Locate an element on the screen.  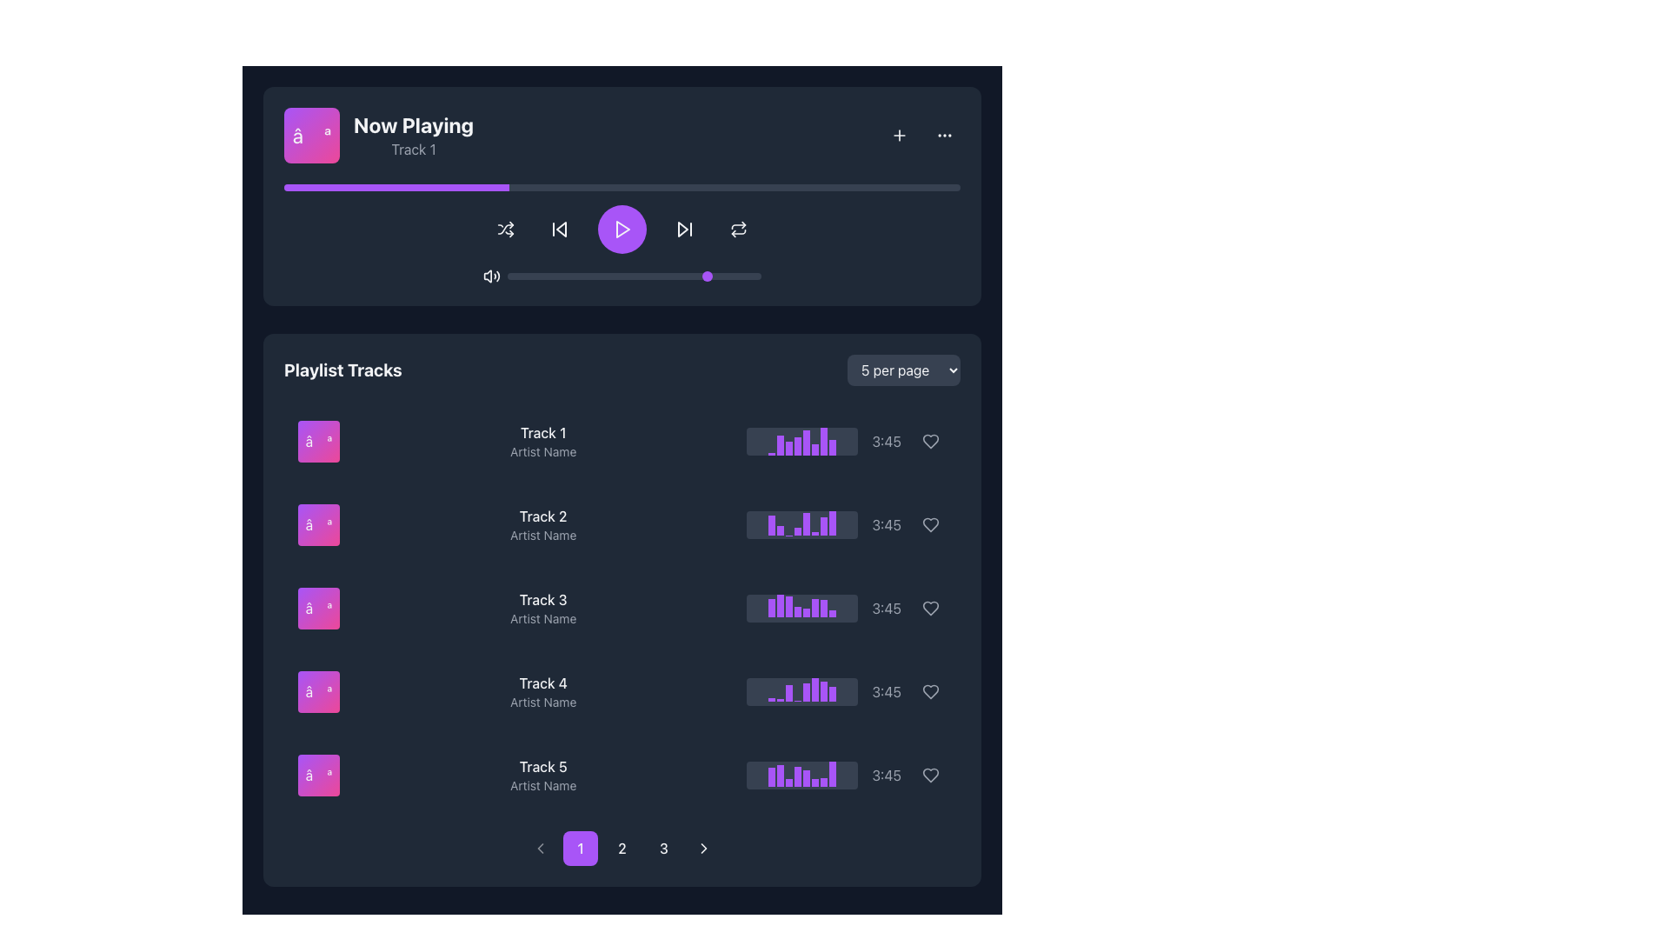
the ellipsis icon located at the top right corner of the interface is located at coordinates (943, 134).